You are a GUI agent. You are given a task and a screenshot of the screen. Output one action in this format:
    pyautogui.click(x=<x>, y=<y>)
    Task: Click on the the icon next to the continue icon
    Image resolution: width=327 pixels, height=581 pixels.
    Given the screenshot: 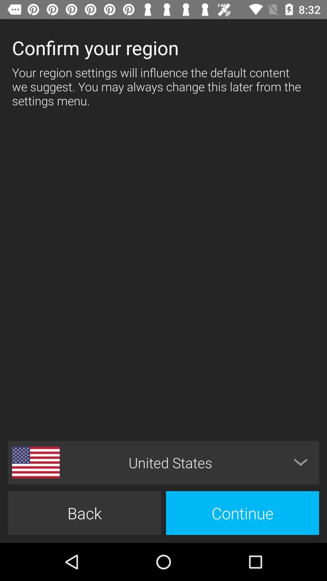 What is the action you would take?
    pyautogui.click(x=84, y=513)
    